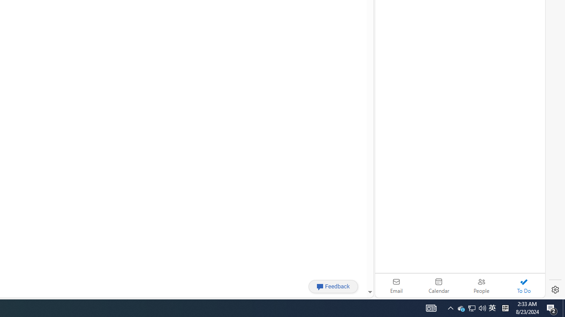  What do you see at coordinates (396, 285) in the screenshot?
I see `'Email'` at bounding box center [396, 285].